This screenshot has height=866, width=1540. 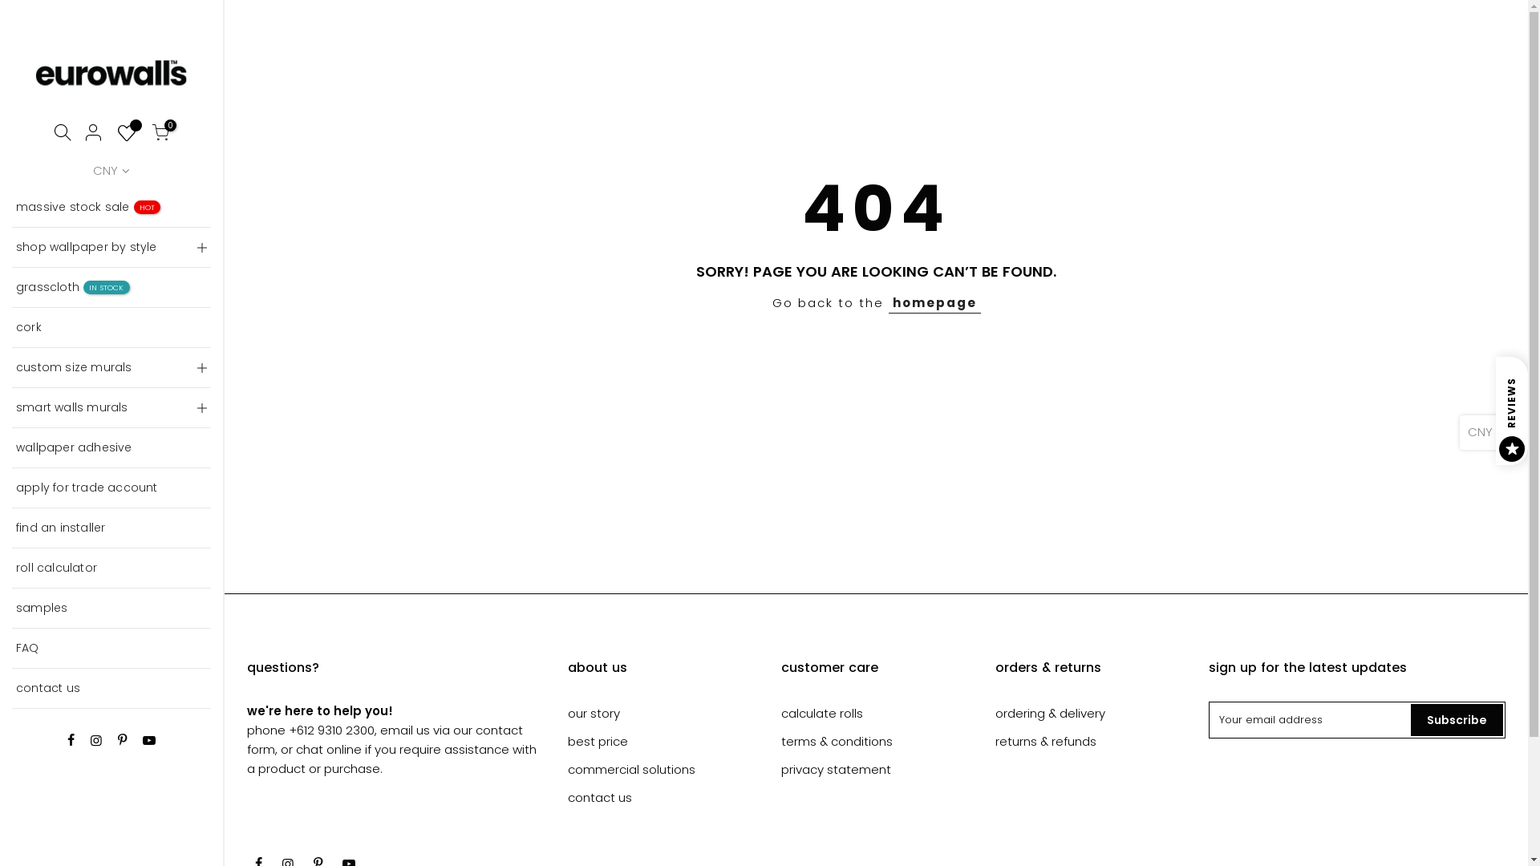 What do you see at coordinates (597, 741) in the screenshot?
I see `'best price'` at bounding box center [597, 741].